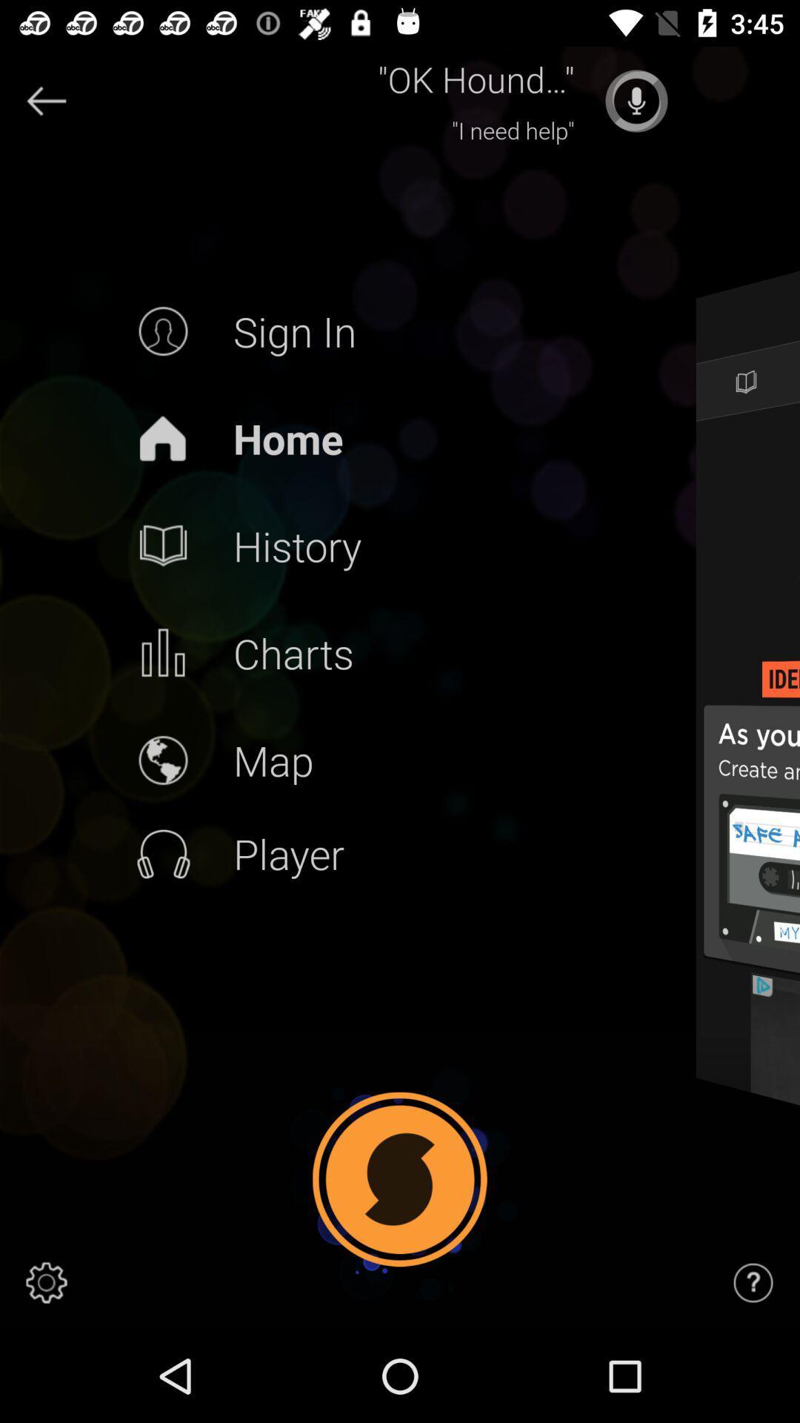 The image size is (800, 1423). Describe the element at coordinates (753, 1282) in the screenshot. I see `open help menu` at that location.